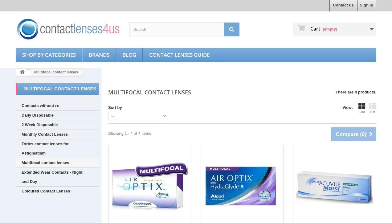 This screenshot has height=223, width=392. What do you see at coordinates (108, 133) in the screenshot?
I see `'Showing 1 - 4 of 4 items'` at bounding box center [108, 133].